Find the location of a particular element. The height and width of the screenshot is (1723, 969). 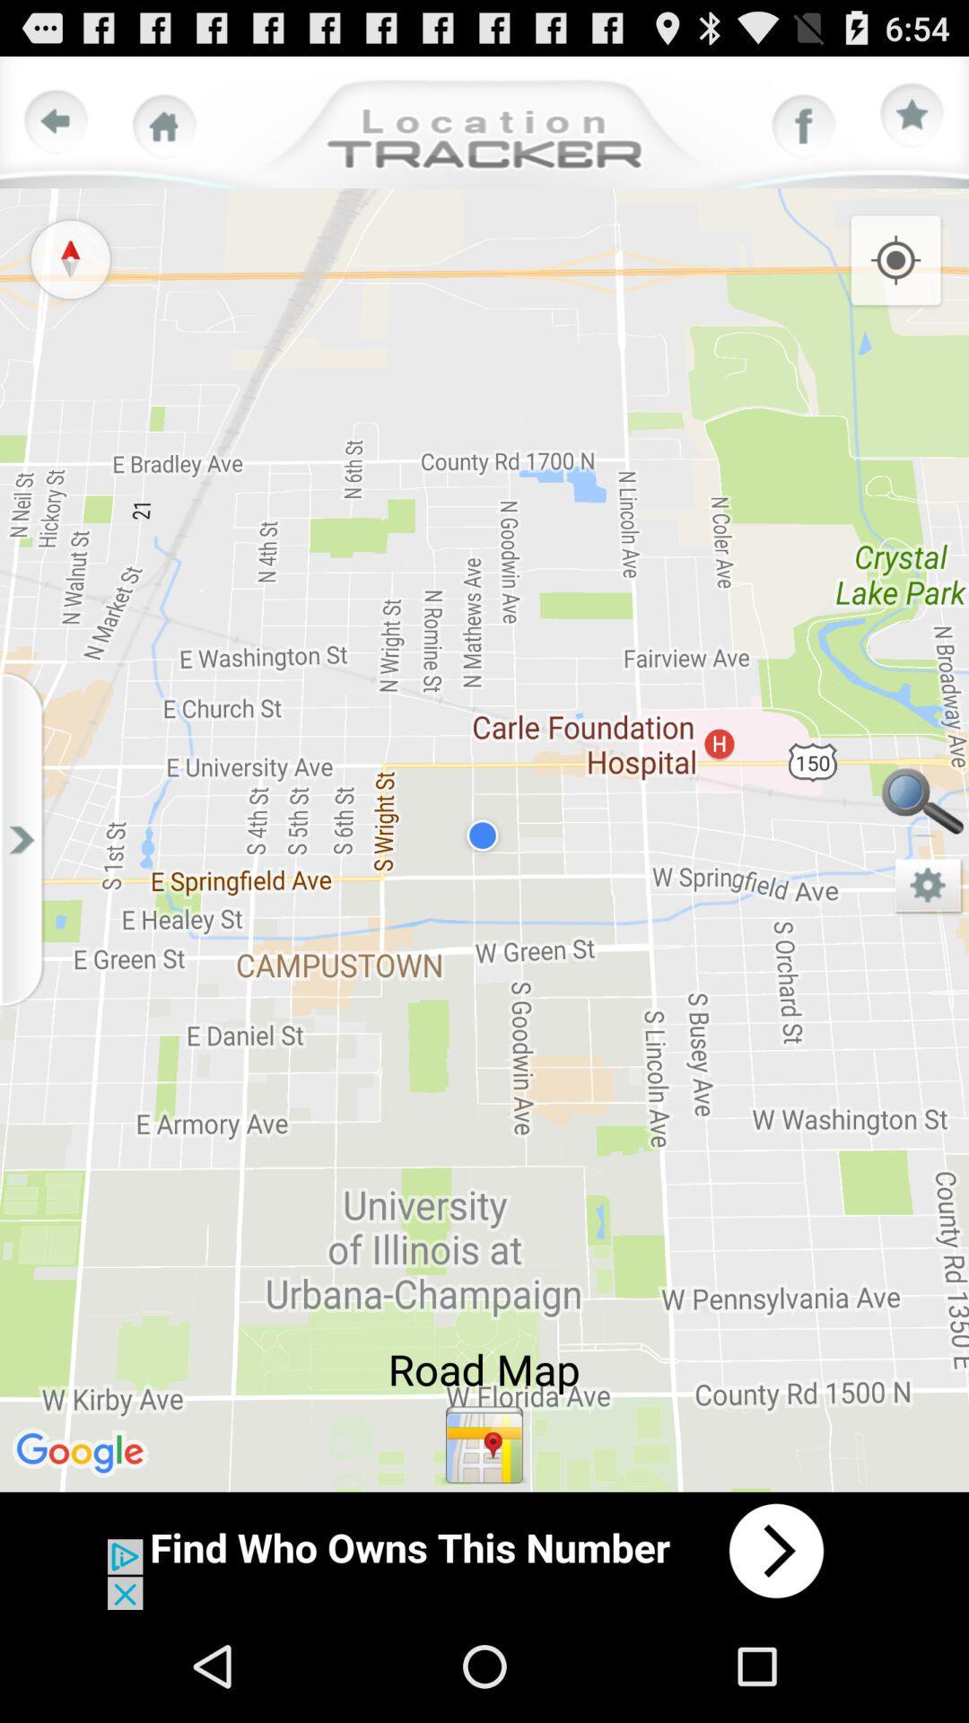

go back is located at coordinates (55, 121).